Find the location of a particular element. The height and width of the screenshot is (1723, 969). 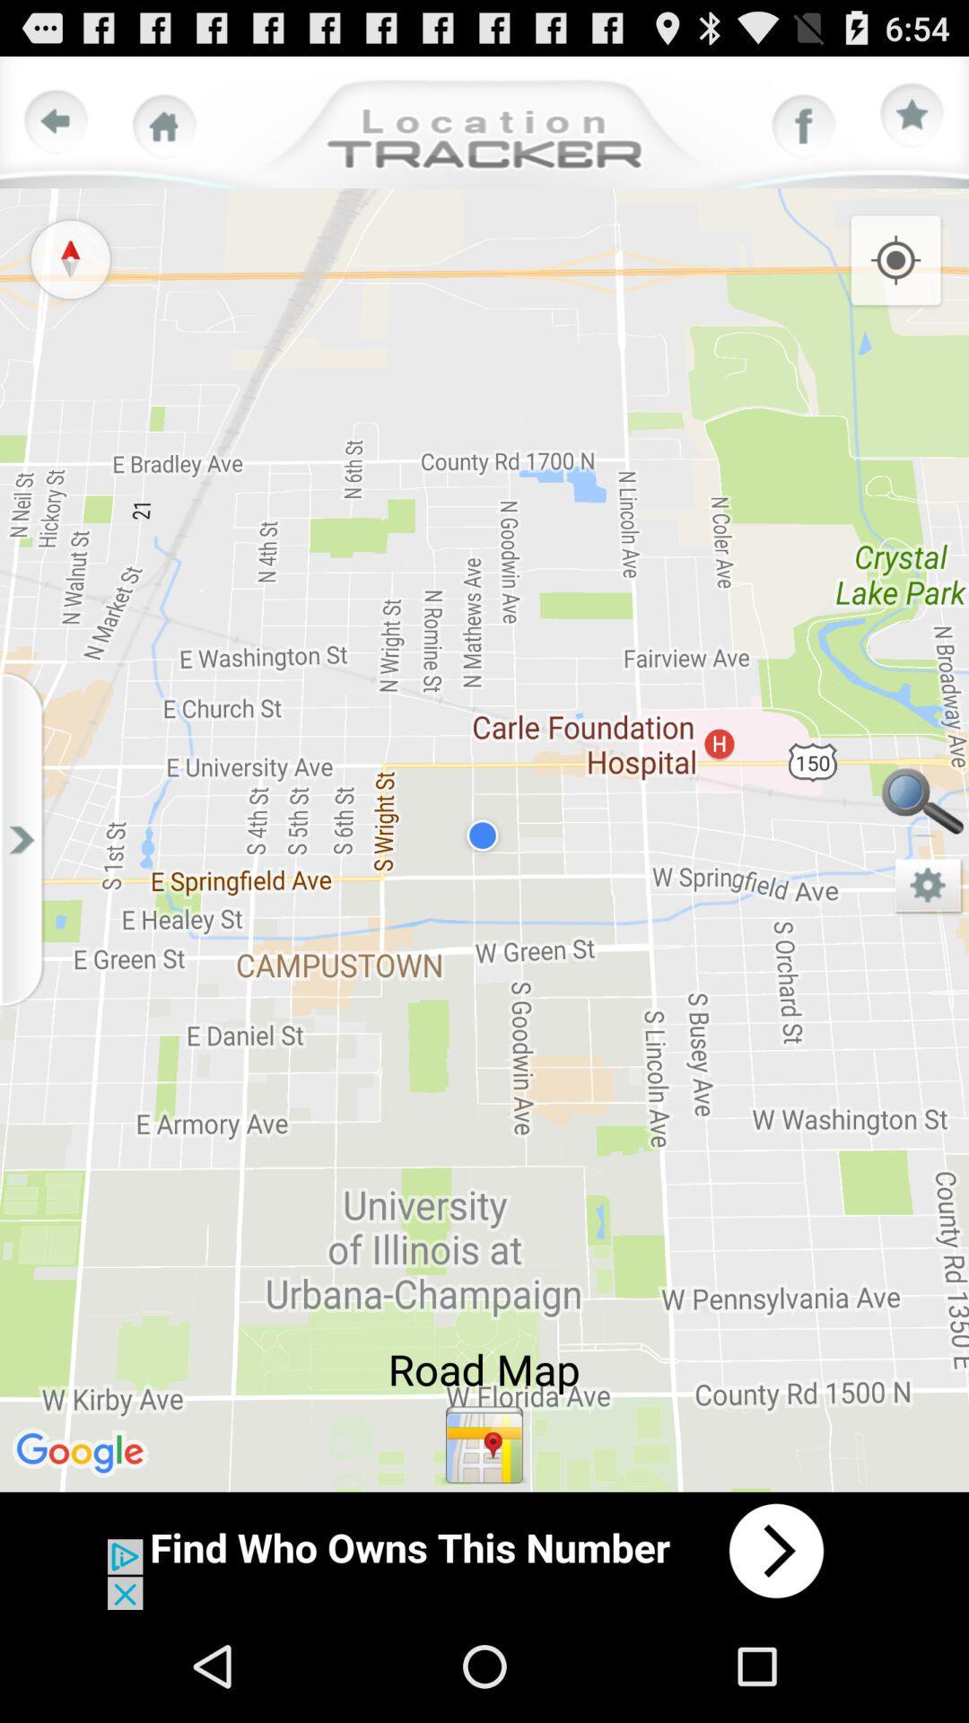

go back is located at coordinates (55, 121).